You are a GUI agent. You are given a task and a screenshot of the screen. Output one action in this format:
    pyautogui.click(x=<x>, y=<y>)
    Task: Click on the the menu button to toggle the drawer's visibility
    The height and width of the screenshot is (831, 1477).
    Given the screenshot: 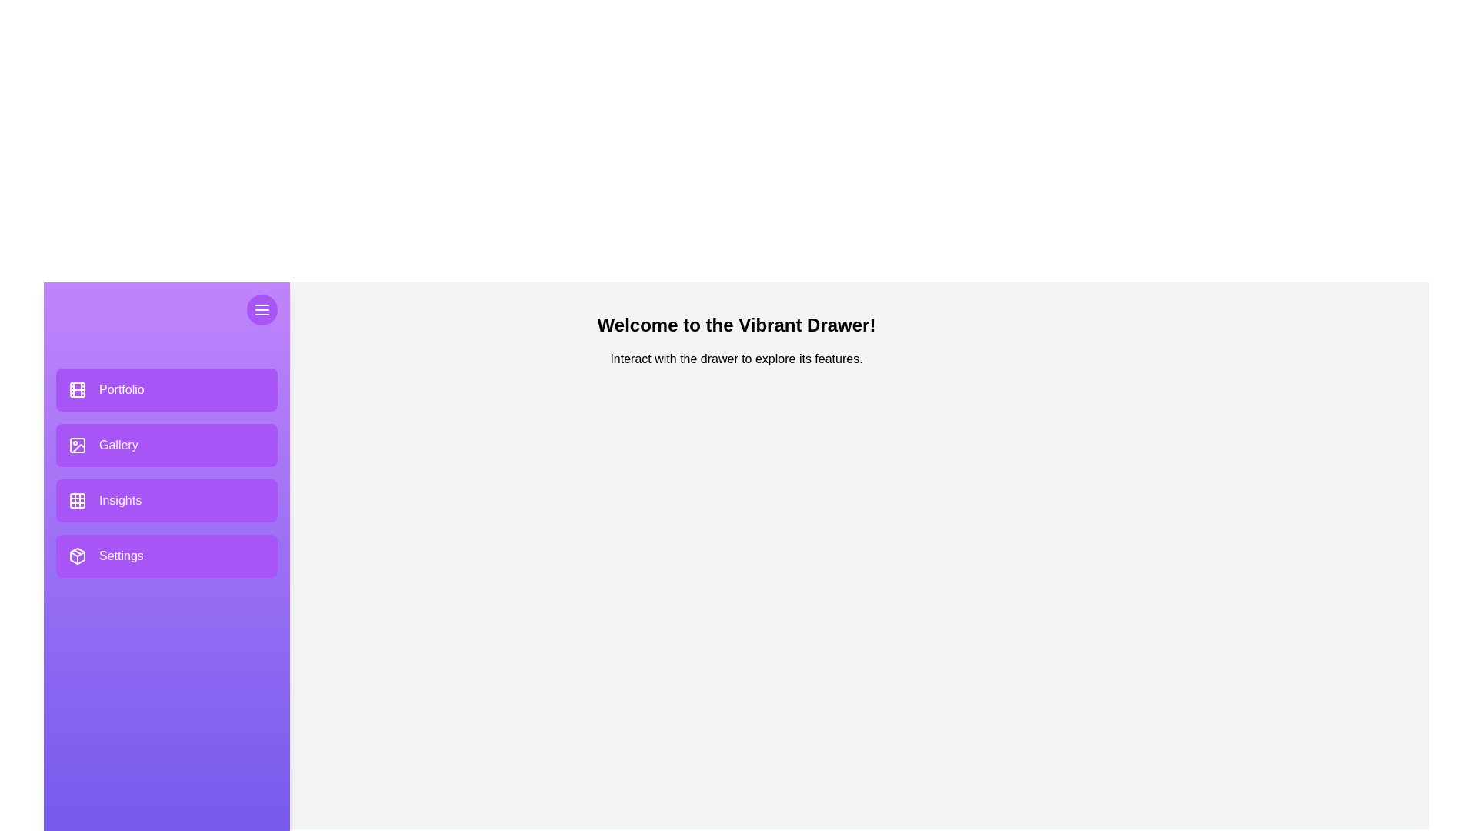 What is the action you would take?
    pyautogui.click(x=262, y=309)
    